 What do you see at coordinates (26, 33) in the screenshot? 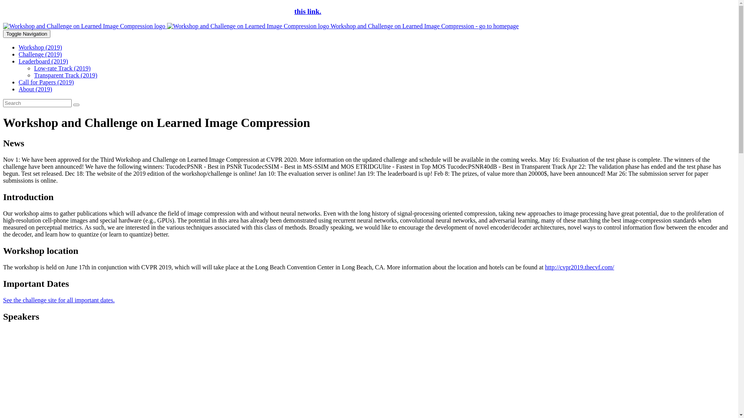
I see `'Toggle Navigation'` at bounding box center [26, 33].